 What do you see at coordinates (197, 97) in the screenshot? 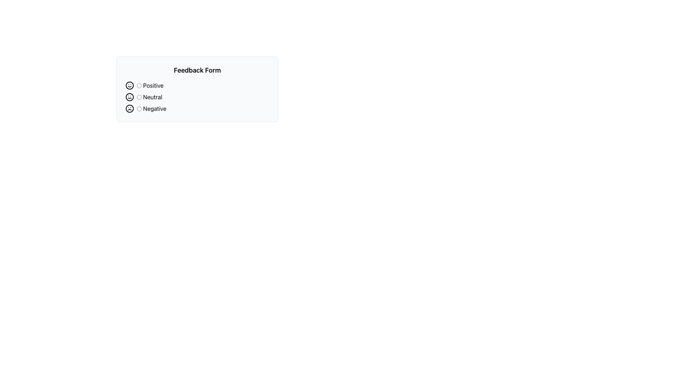
I see `the 'Neutral' radio button option in the feedback section to receive visual feedback` at bounding box center [197, 97].